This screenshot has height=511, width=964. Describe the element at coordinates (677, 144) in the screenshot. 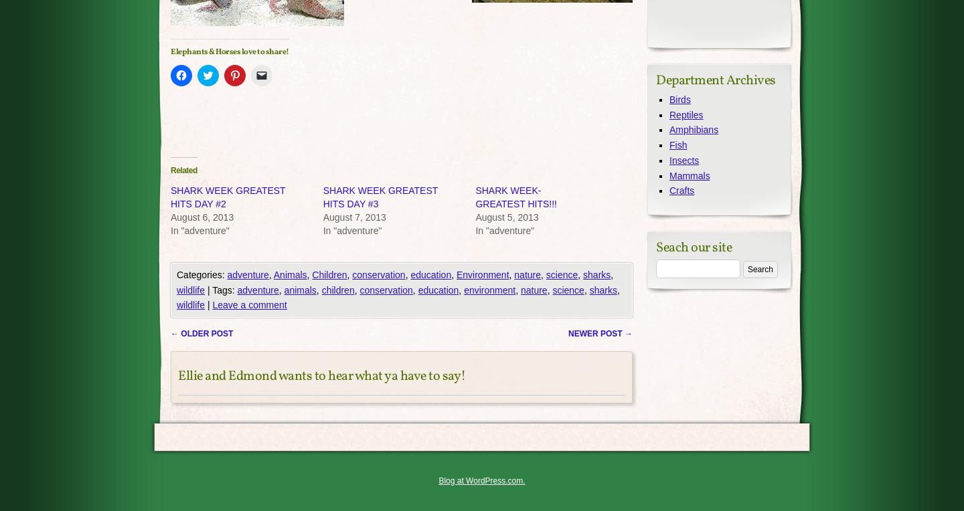

I see `'Fish'` at that location.